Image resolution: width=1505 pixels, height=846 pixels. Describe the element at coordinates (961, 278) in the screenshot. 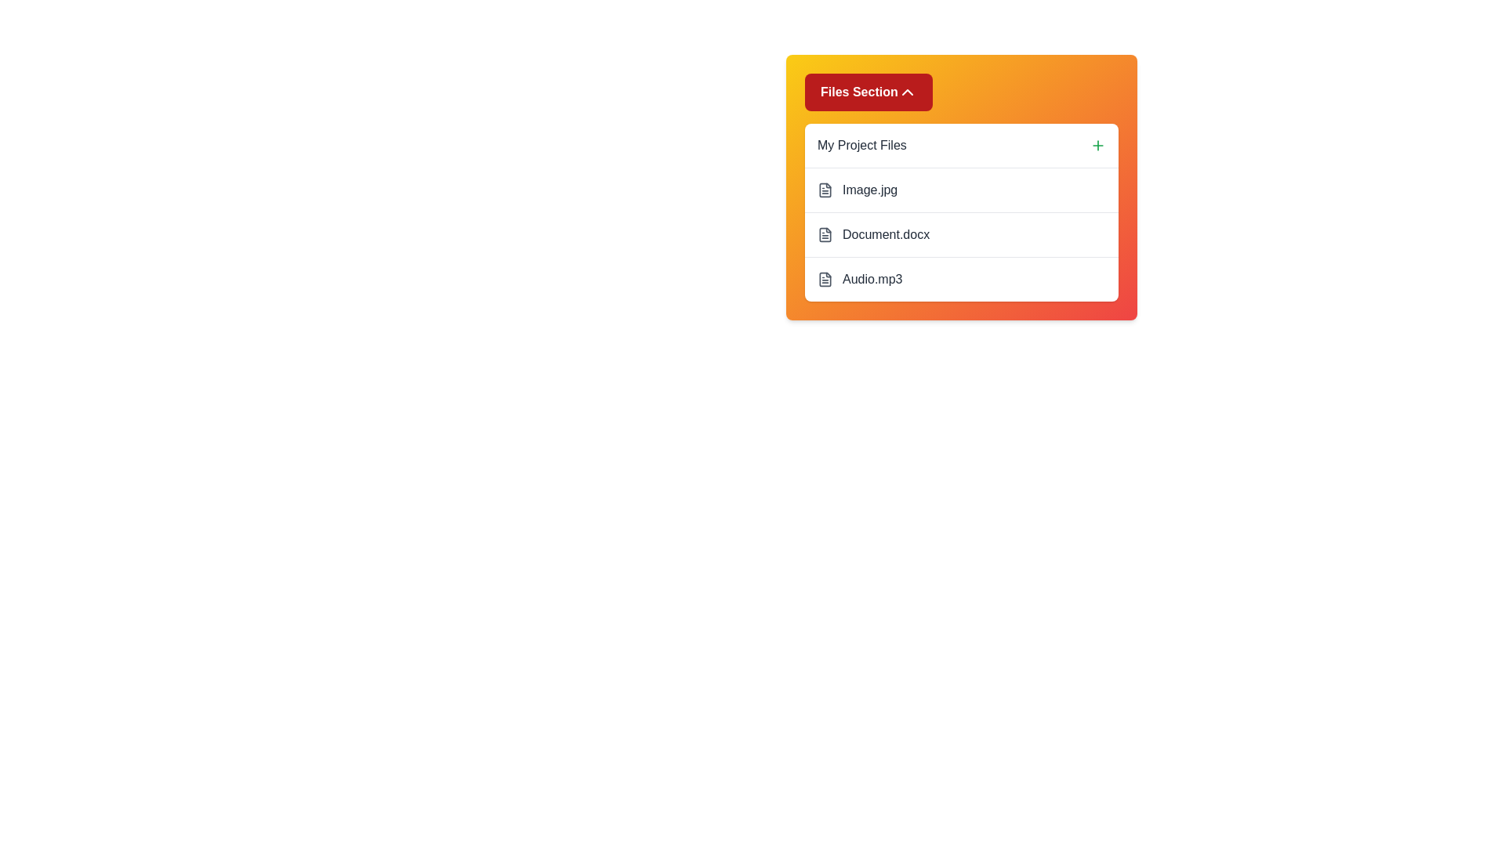

I see `the file named Audio.mp3 to select it` at that location.